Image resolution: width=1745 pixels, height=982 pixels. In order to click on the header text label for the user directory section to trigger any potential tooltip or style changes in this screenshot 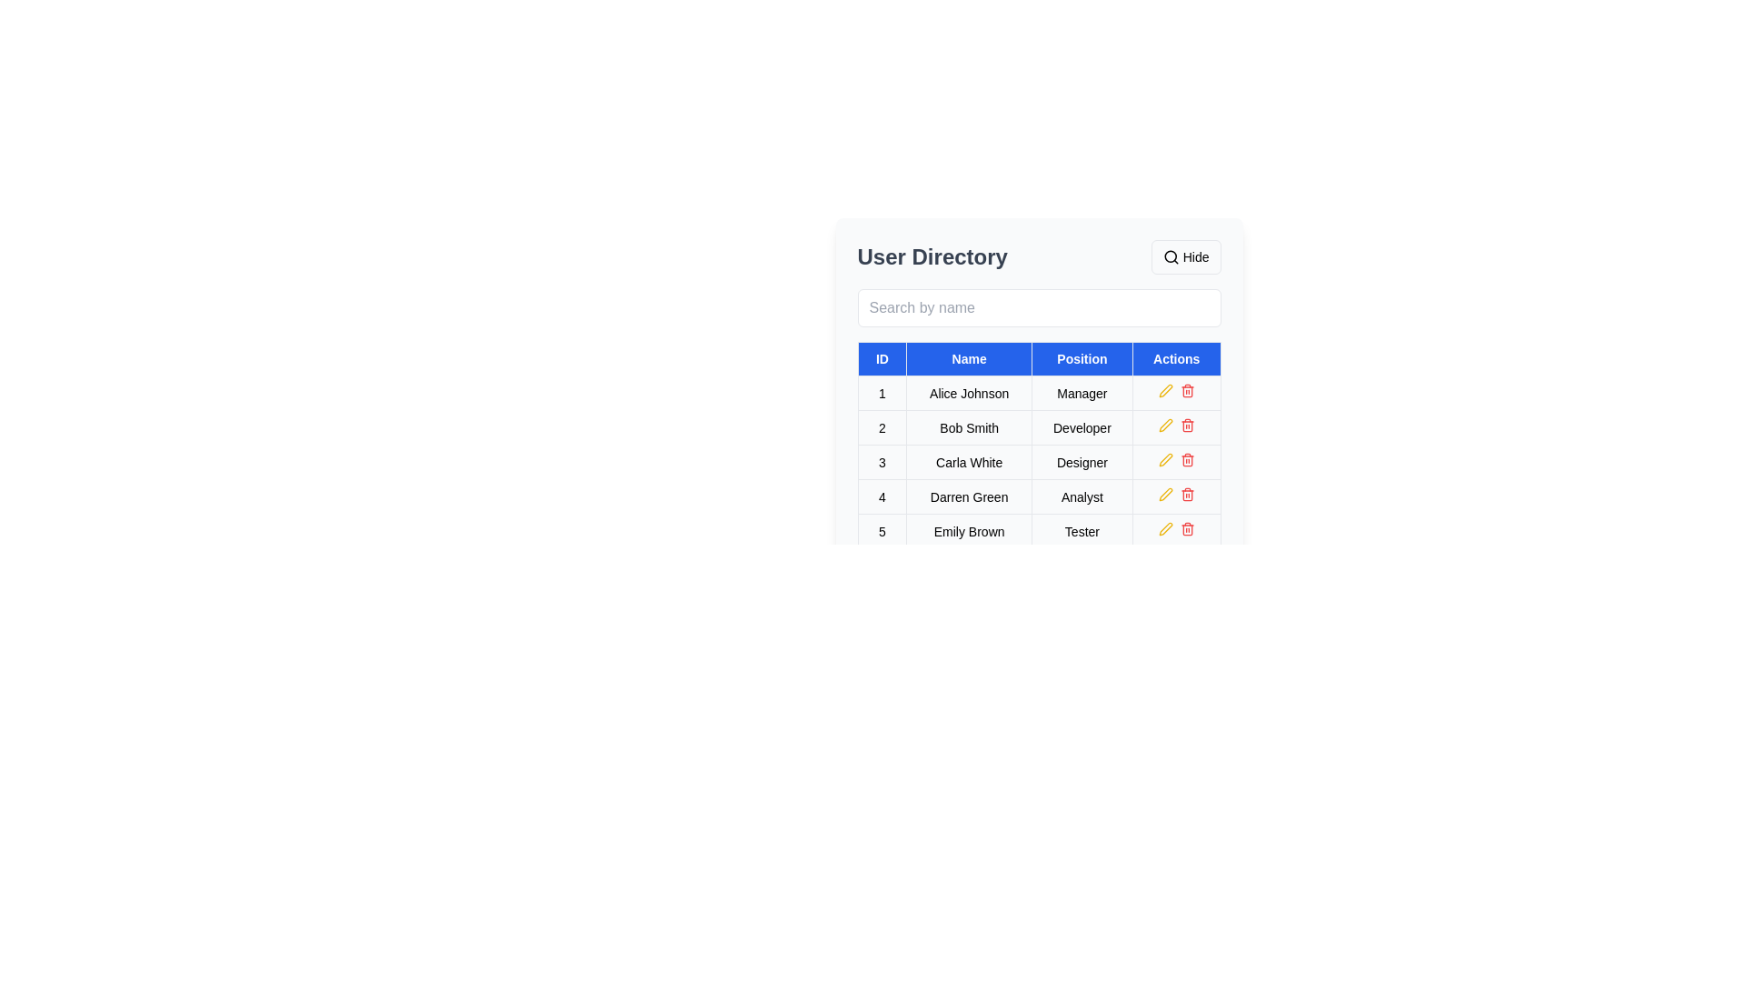, I will do `click(932, 256)`.